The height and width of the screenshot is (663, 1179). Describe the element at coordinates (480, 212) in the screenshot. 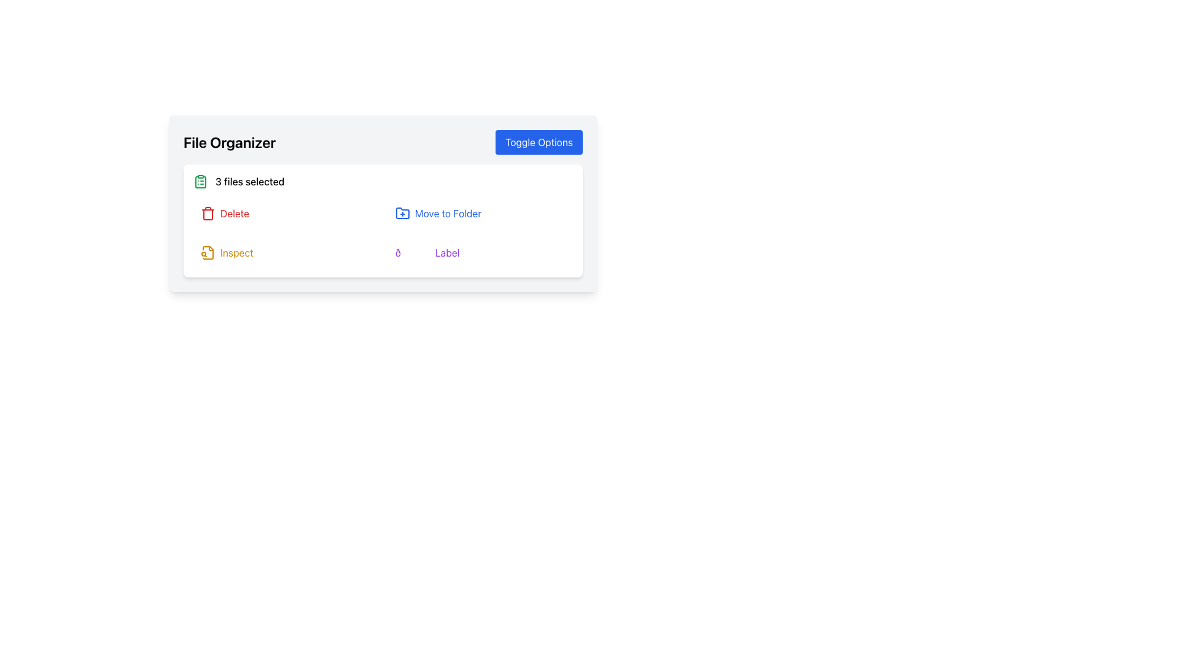

I see `the button located to the right of the 'Delete' button in the first row of the grid layout to initiate the move action` at that location.